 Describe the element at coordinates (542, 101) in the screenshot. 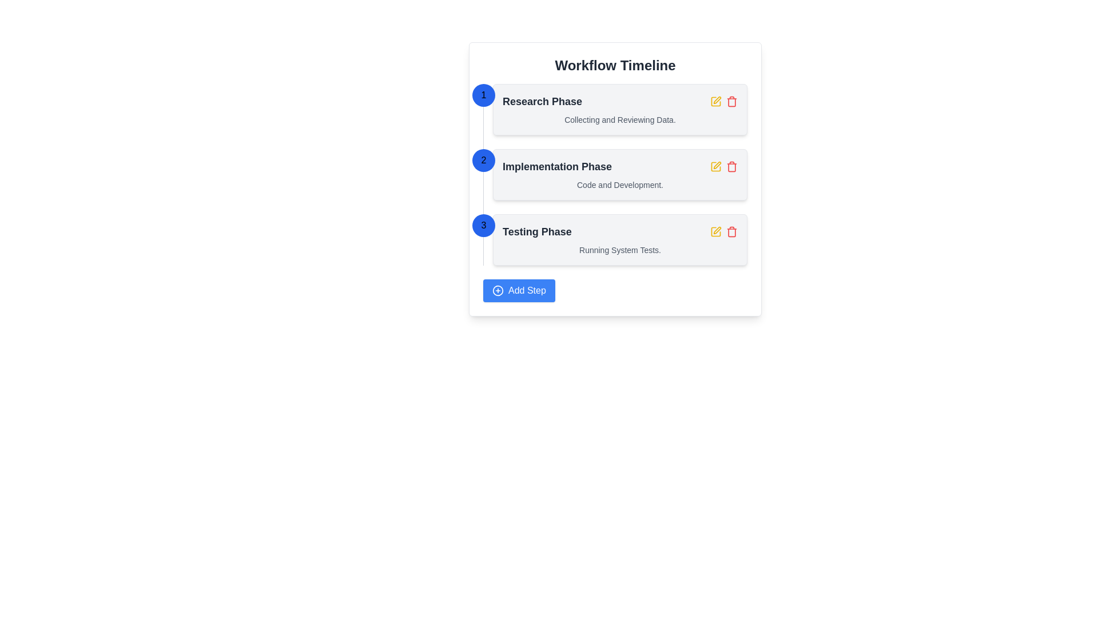

I see `displayed text from the text label that says 'Research Phase', which is prominently located at the top of the first section of the workflow items` at that location.